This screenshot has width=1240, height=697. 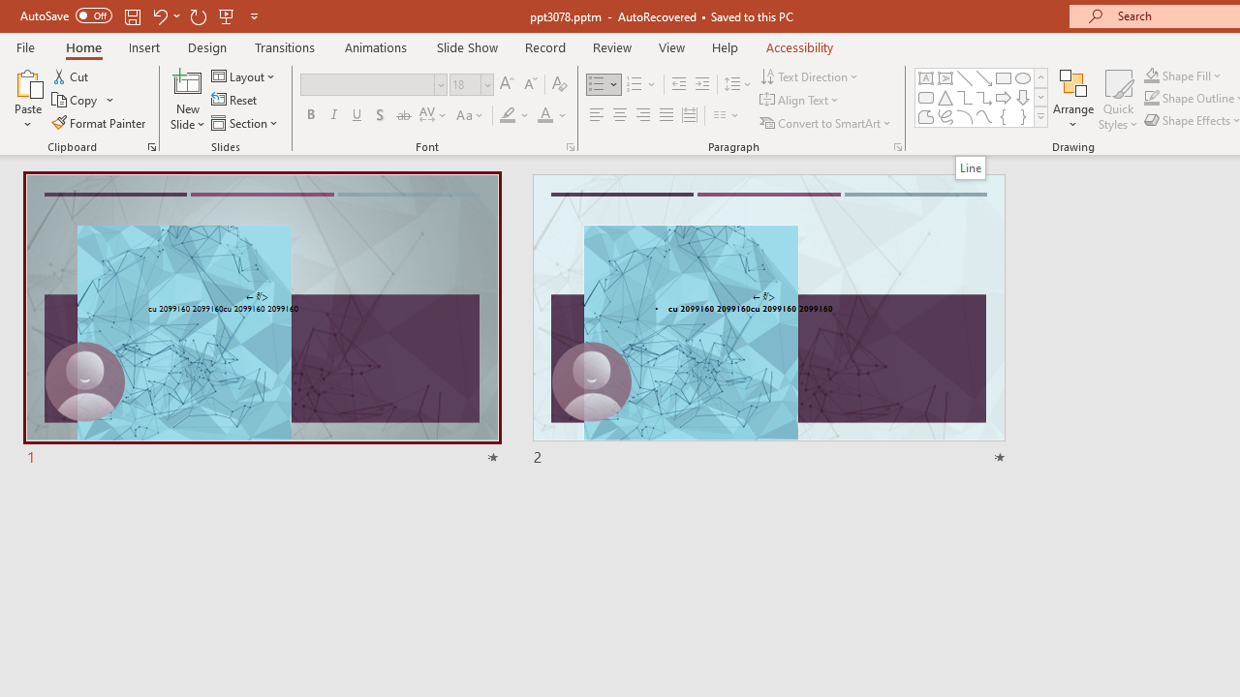 What do you see at coordinates (945, 77) in the screenshot?
I see `'Vertical Text Box'` at bounding box center [945, 77].